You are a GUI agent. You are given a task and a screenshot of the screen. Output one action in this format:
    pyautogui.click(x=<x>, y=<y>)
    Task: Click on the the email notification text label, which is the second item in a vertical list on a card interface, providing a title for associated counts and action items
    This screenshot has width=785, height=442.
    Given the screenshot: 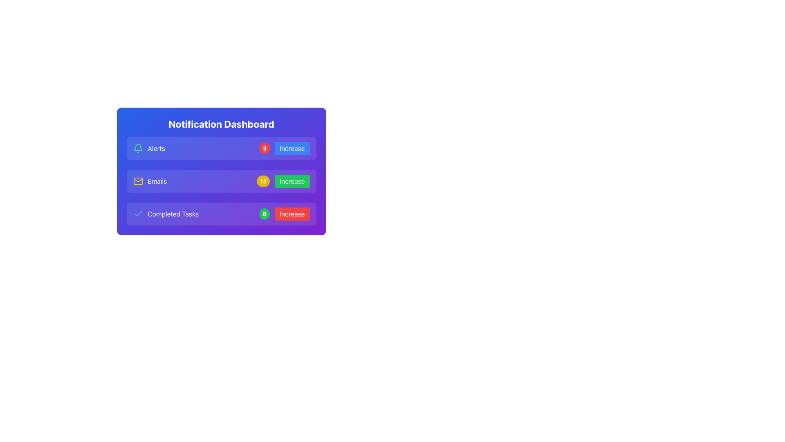 What is the action you would take?
    pyautogui.click(x=150, y=181)
    